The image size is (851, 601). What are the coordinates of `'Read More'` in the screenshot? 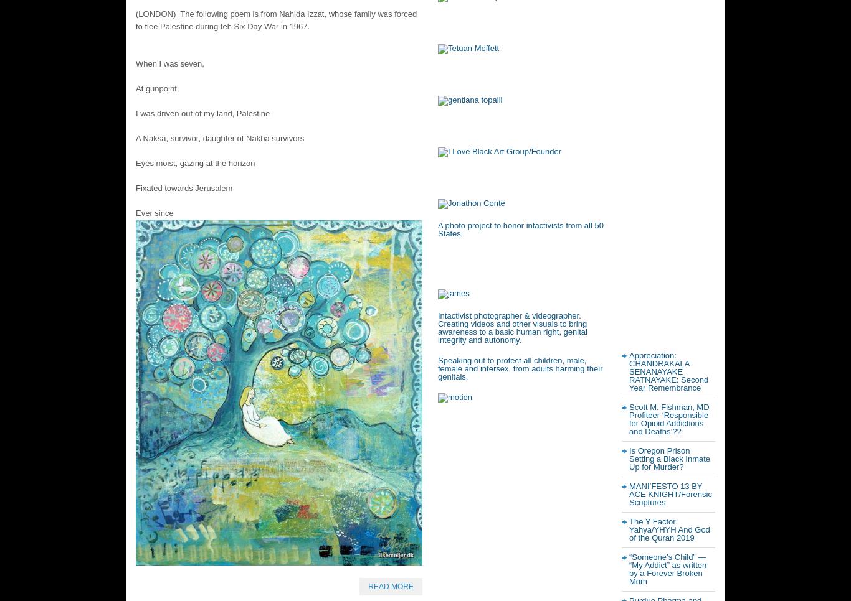 It's located at (390, 586).